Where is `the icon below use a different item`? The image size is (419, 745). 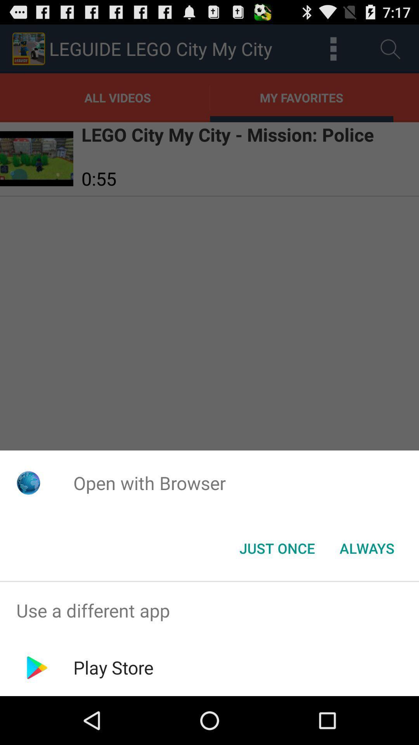 the icon below use a different item is located at coordinates (113, 667).